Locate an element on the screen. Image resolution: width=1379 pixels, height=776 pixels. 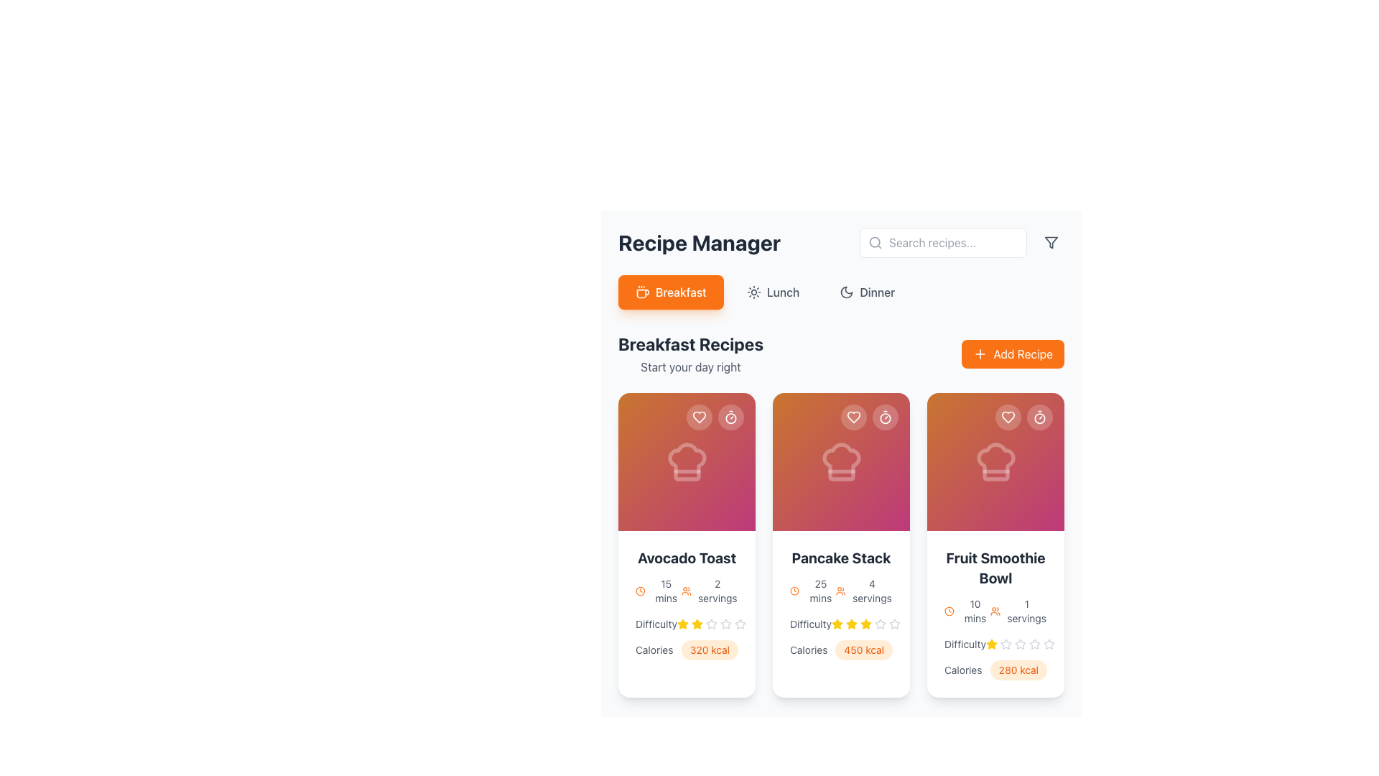
the circular button with a white stopwatch icon located at the top right corner of the 'Fruit Smoothie Bowl' recipe card is located at coordinates (1040, 417).